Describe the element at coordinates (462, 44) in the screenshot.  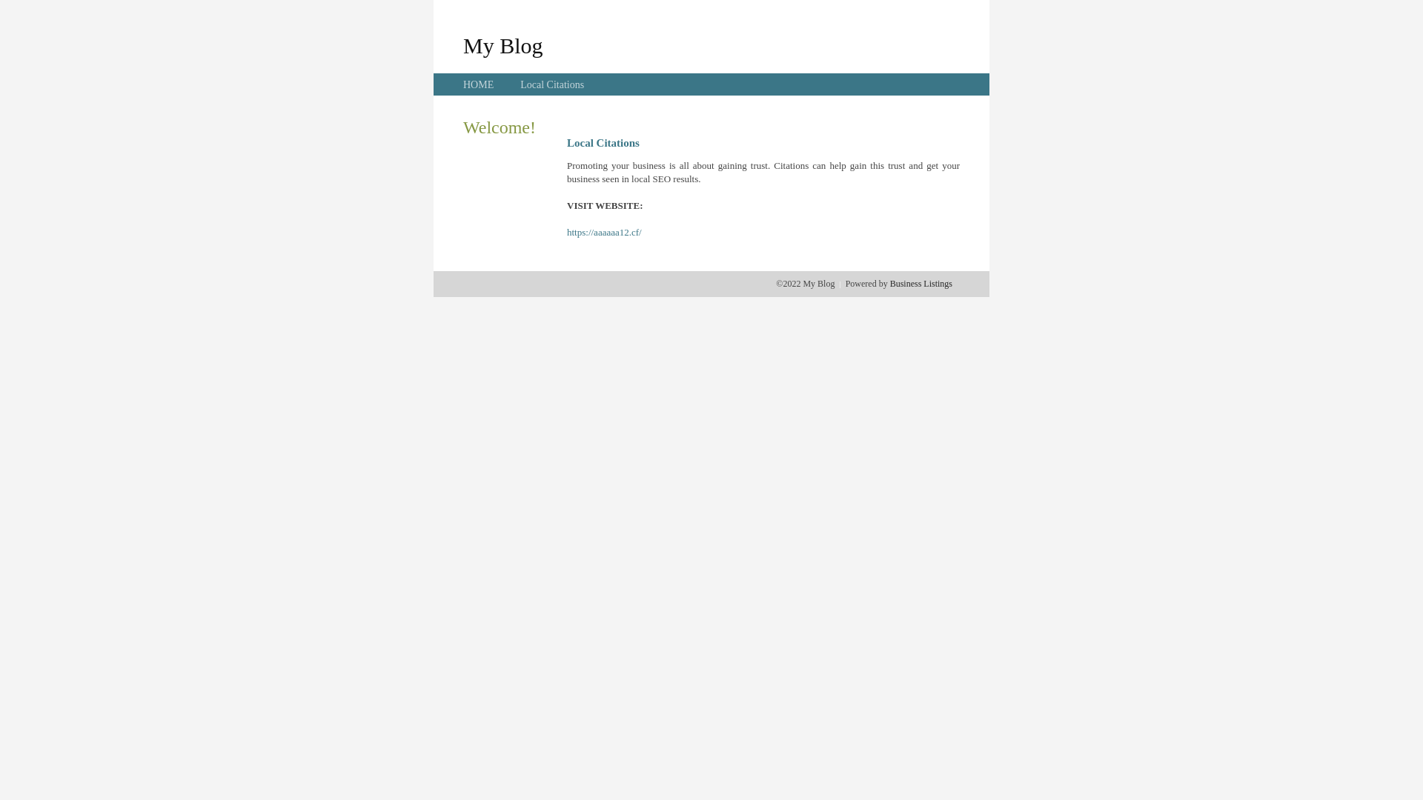
I see `'My Blog'` at that location.